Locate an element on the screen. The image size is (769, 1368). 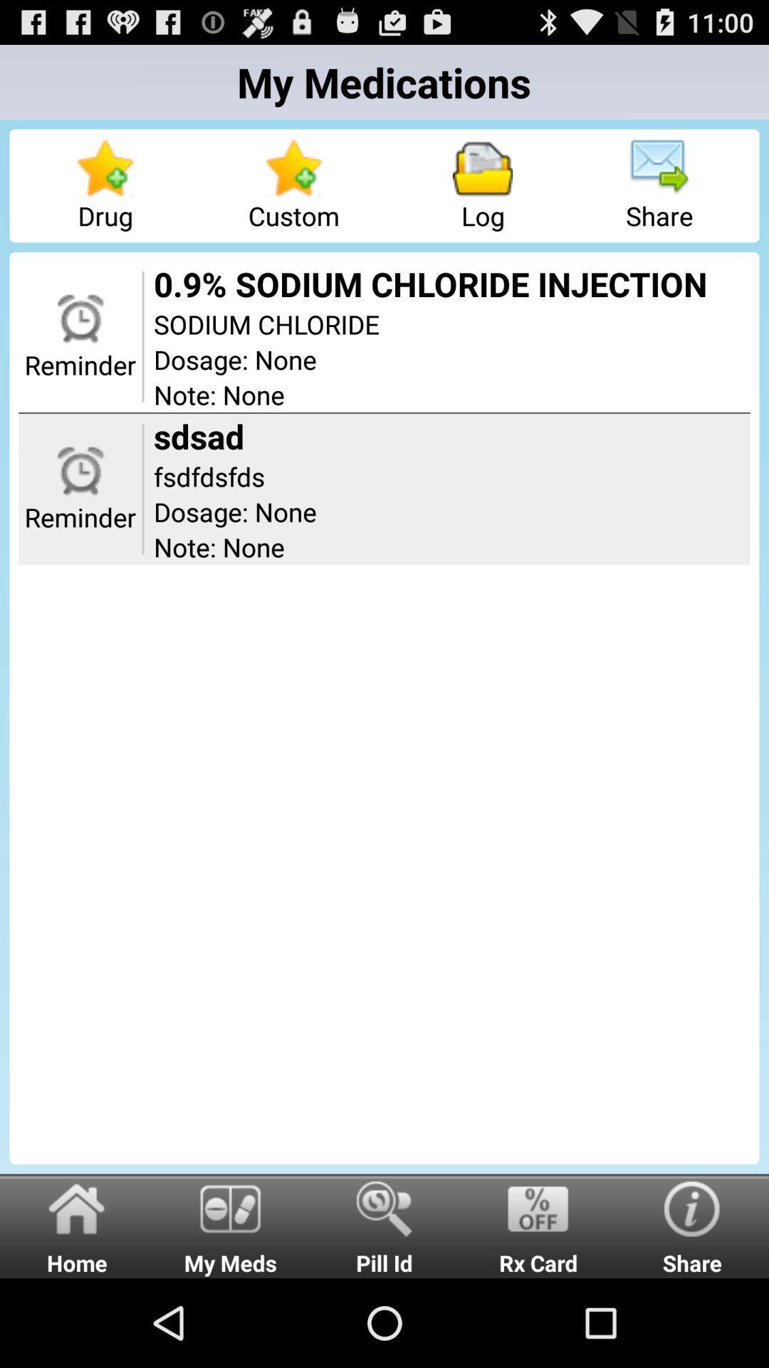
the app below note: none item is located at coordinates (384, 1225).